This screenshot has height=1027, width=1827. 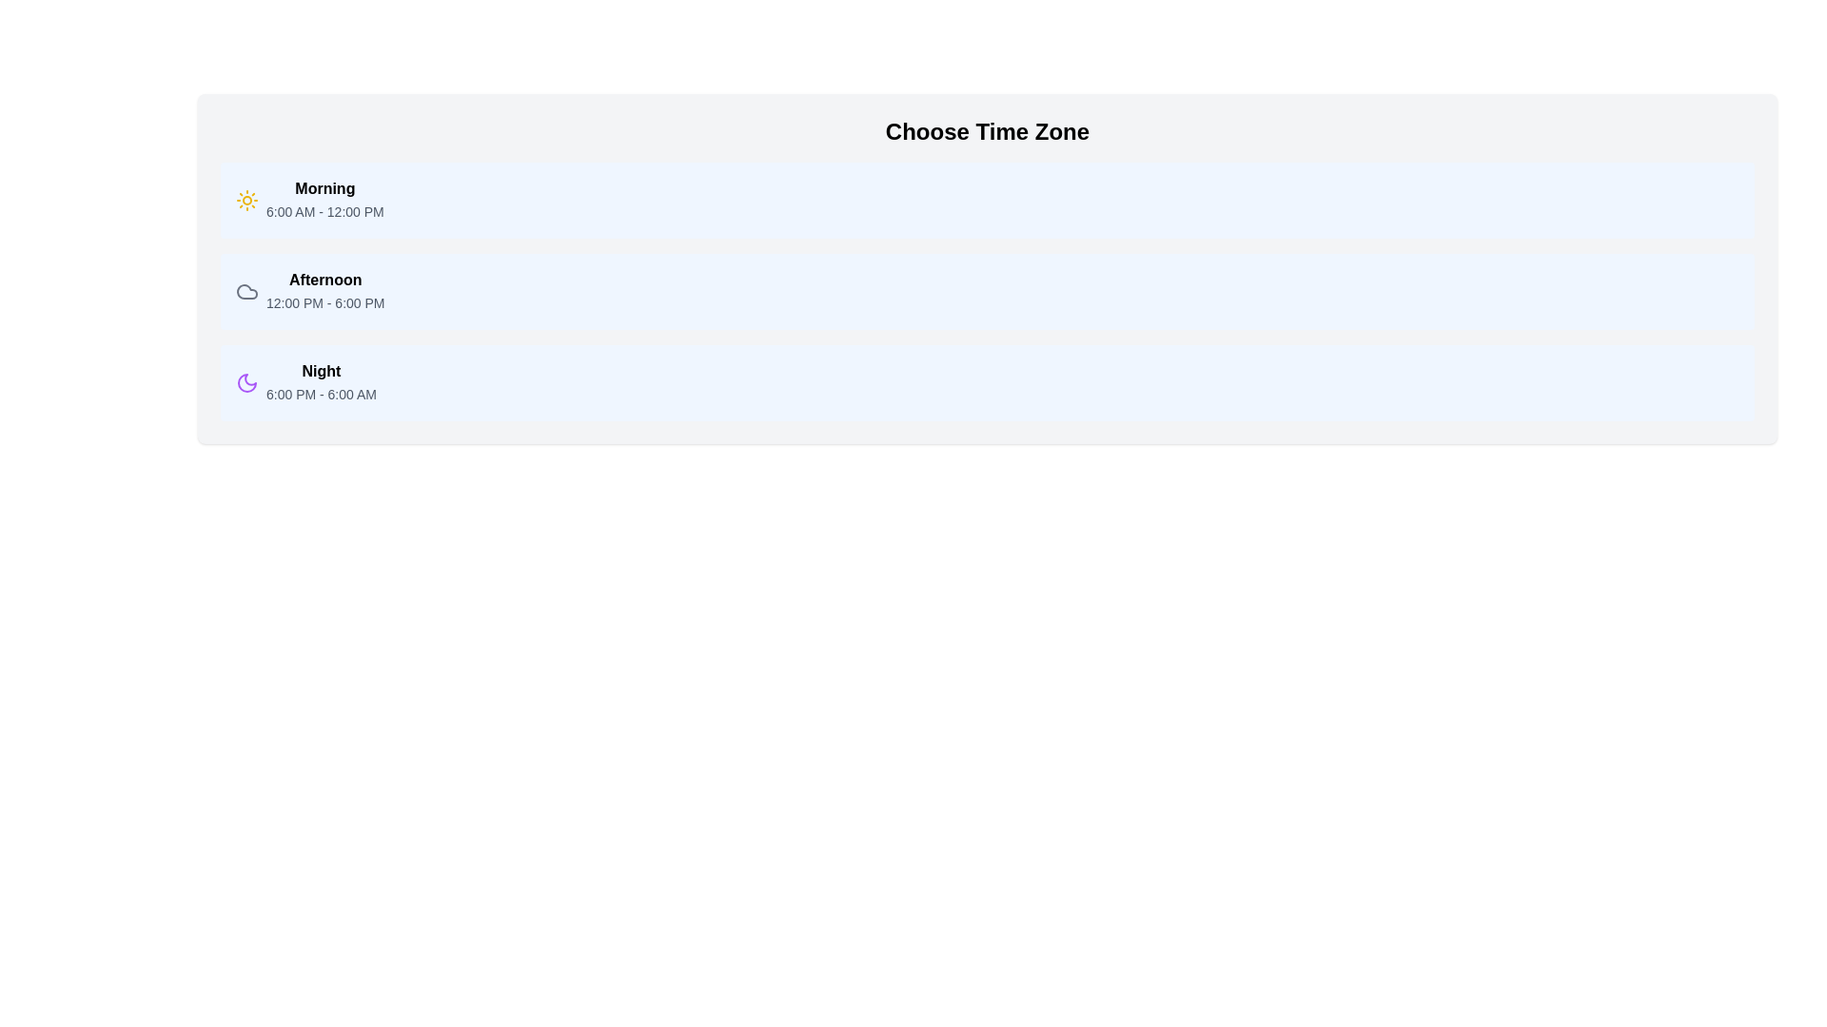 What do you see at coordinates (325, 280) in the screenshot?
I see `the 'Afternoon' time range title text label, which is positioned between the 'Morning' and 'Night' options in the three-option list` at bounding box center [325, 280].